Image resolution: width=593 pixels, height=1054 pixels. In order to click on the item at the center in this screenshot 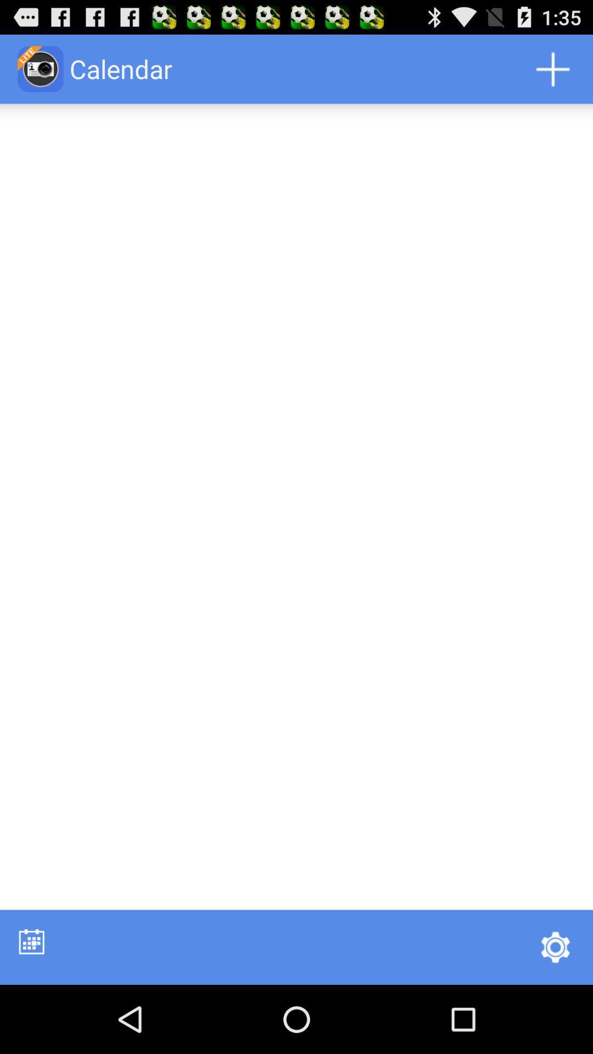, I will do `click(296, 506)`.